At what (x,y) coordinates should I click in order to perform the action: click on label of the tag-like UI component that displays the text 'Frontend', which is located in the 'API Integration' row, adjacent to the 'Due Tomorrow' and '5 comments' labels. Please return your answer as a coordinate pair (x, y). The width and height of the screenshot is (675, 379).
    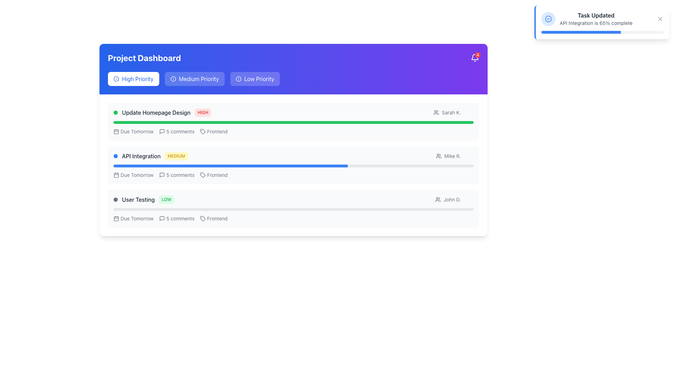
    Looking at the image, I should click on (213, 174).